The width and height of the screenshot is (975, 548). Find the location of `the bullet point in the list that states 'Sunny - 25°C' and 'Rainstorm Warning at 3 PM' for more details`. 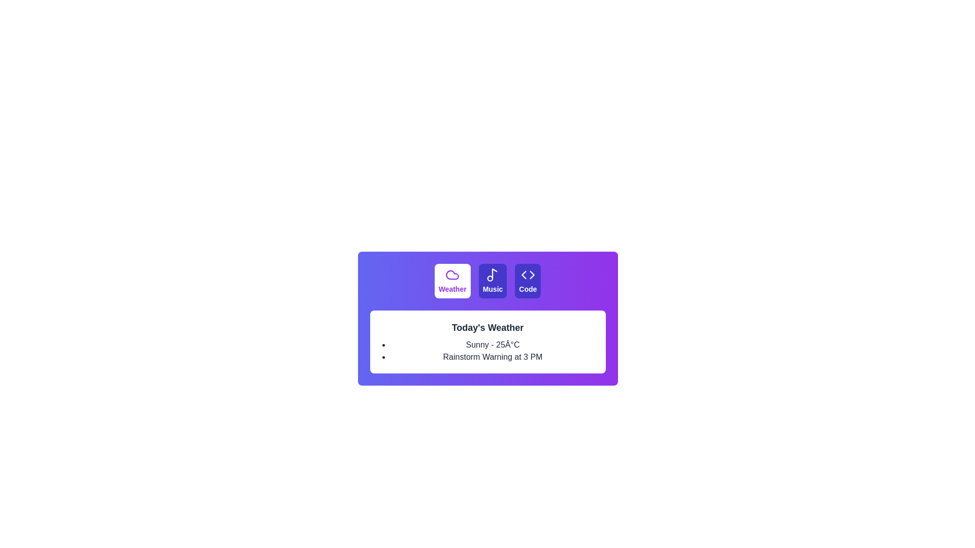

the bullet point in the list that states 'Sunny - 25°C' and 'Rainstorm Warning at 3 PM' for more details is located at coordinates (493, 350).